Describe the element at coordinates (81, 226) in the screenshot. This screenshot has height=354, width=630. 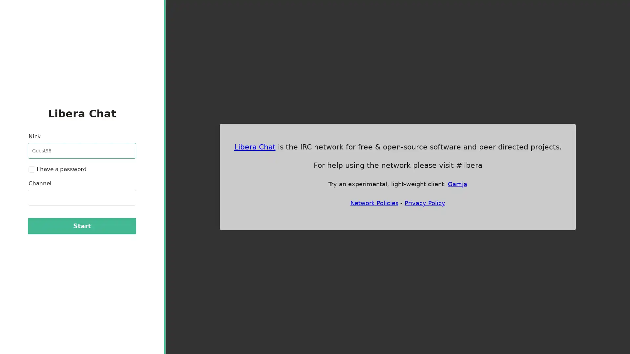
I see `Start` at that location.